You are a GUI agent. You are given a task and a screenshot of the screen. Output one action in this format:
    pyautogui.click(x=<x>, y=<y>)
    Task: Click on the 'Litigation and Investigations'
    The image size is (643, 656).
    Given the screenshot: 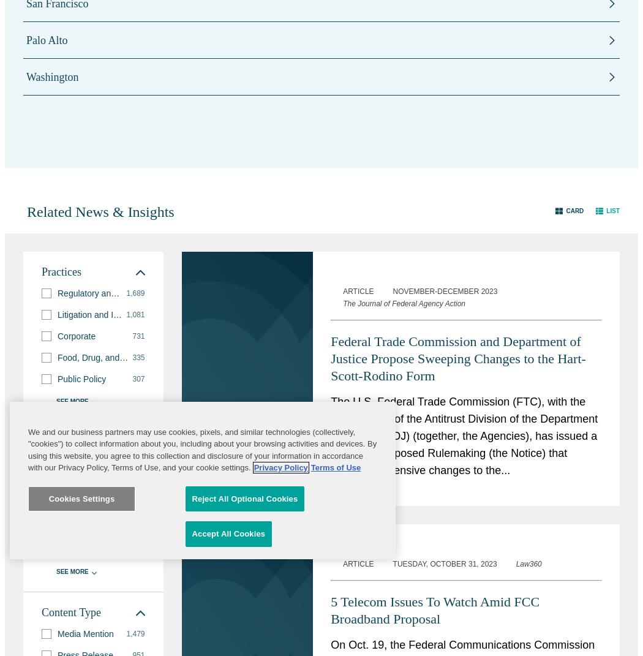 What is the action you would take?
    pyautogui.click(x=110, y=314)
    